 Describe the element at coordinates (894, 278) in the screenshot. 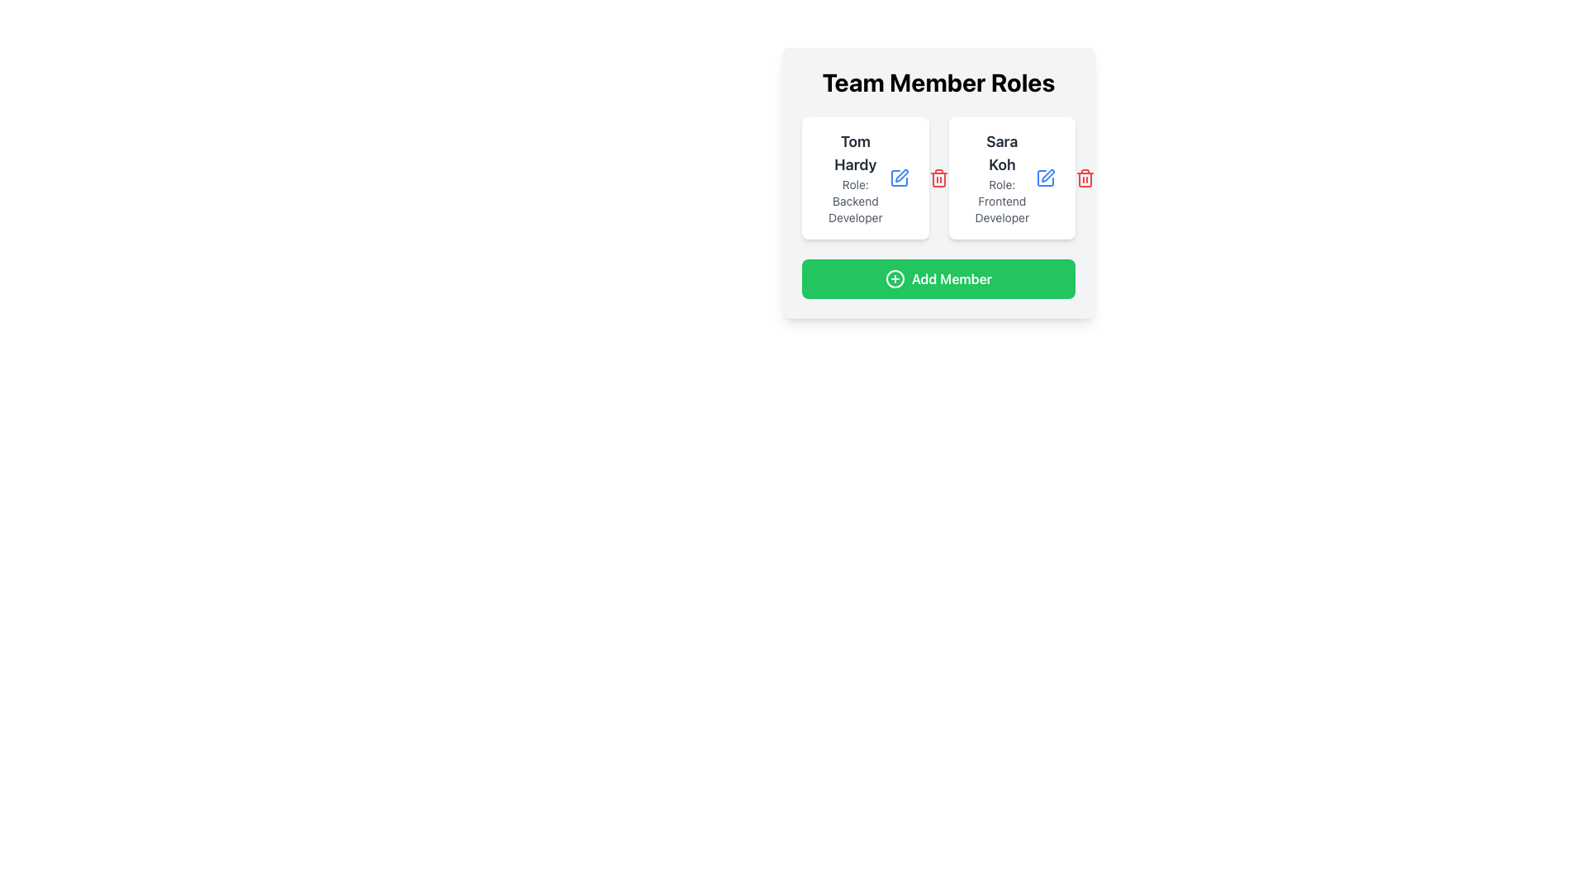

I see `the circular icon located within the green 'Add Member' button in the footer of the card displaying team member roles` at that location.